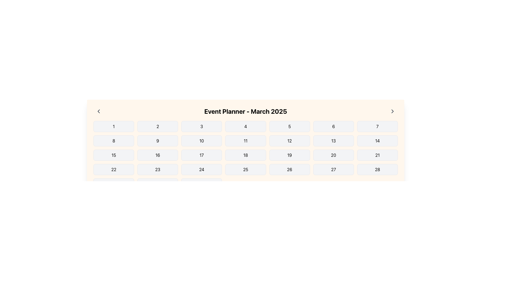 This screenshot has height=287, width=511. I want to click on the numerical text '26' displayed within the calendar cell located in the fifth row and fifth column, so click(289, 169).